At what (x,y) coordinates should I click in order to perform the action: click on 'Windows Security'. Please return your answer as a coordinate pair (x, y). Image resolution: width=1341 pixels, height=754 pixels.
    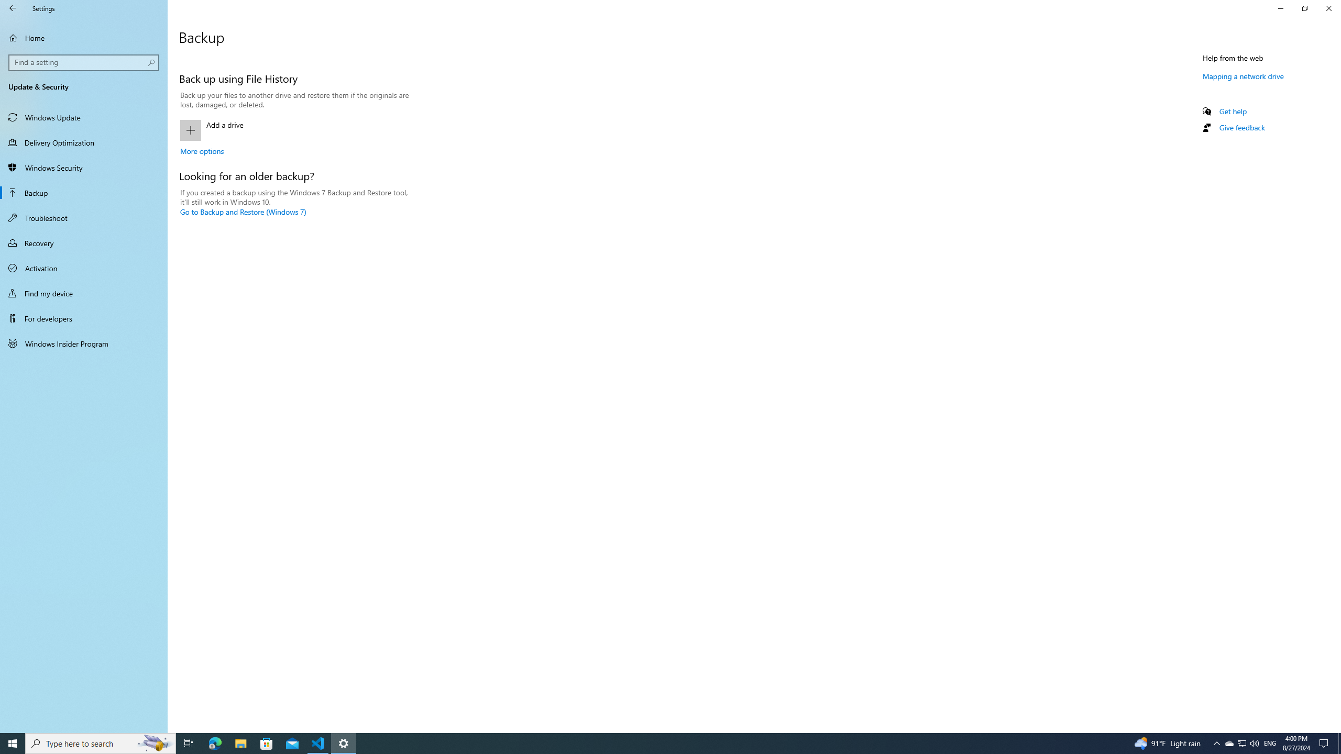
    Looking at the image, I should click on (83, 167).